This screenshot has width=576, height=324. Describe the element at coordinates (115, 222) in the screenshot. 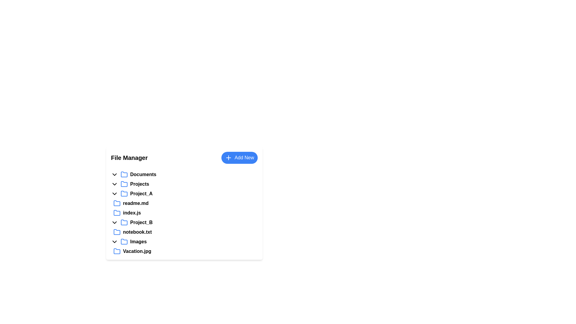

I see `the dropdown indicator icon` at that location.